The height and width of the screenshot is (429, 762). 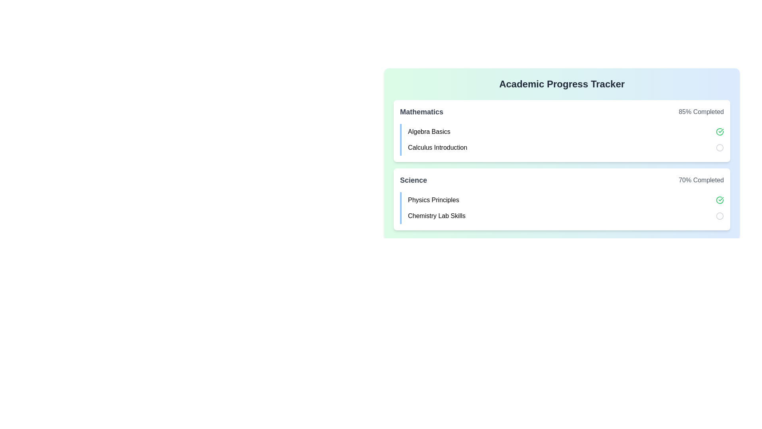 I want to click on the representation of the circular checkmark icon in the 'Science' section of the 'Academic Progress Tracker' interface, which signifies the completion status of the 'Science' course, so click(x=720, y=131).